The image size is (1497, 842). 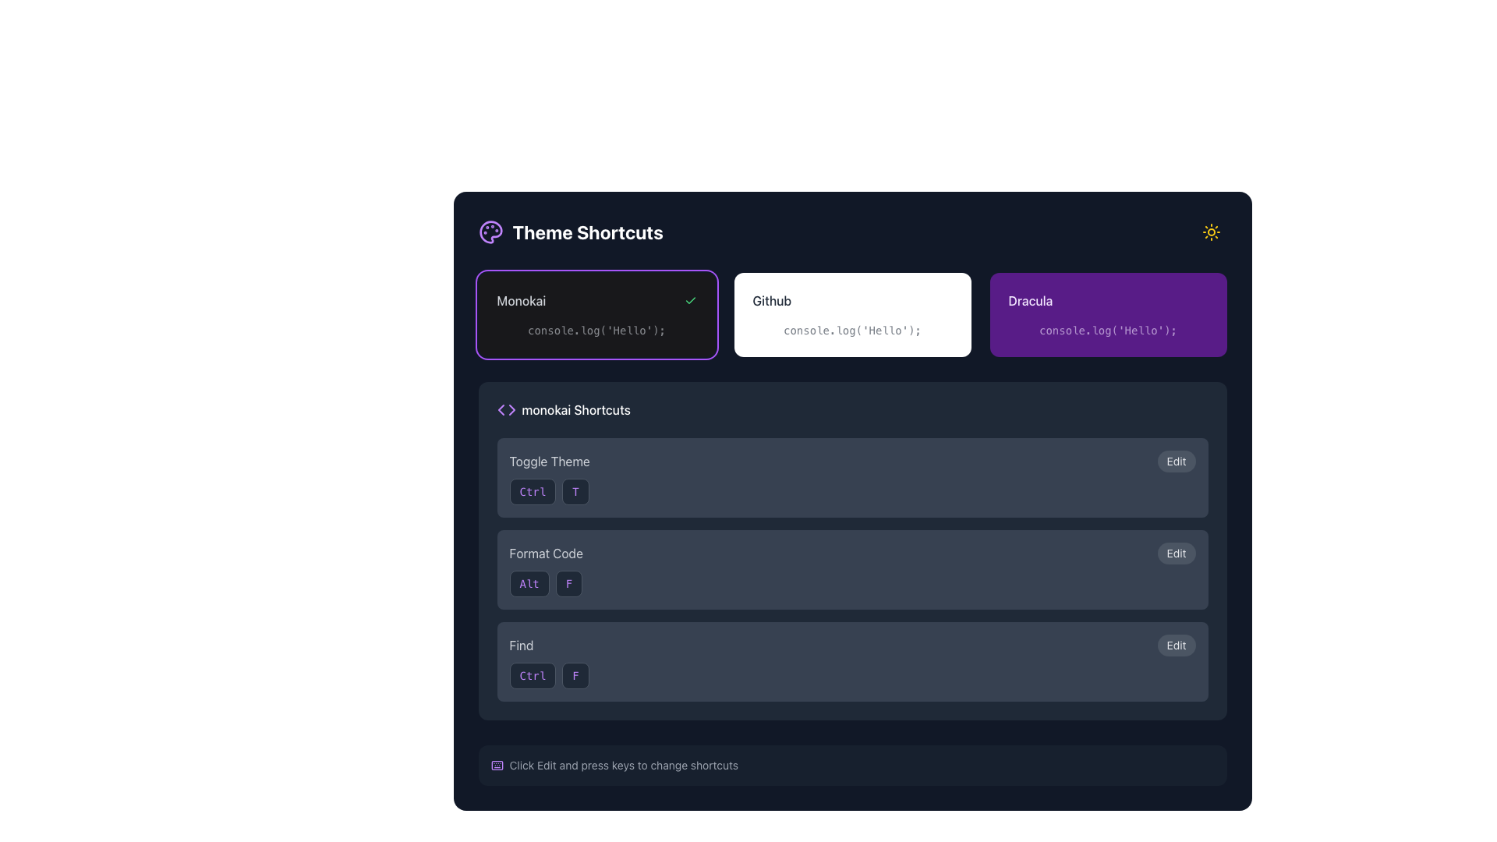 I want to click on the purple arrow-shaped chevron icon located in the 'monokai Shortcuts' section, specifically on the right side of the chevron-like structure, so click(x=511, y=409).